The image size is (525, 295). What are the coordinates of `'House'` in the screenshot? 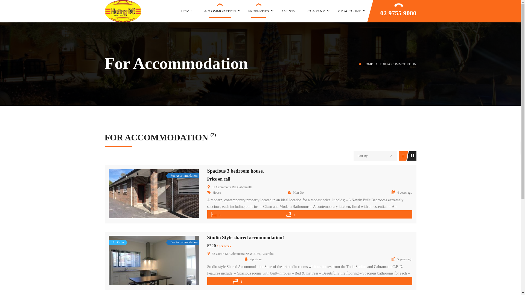 It's located at (217, 192).